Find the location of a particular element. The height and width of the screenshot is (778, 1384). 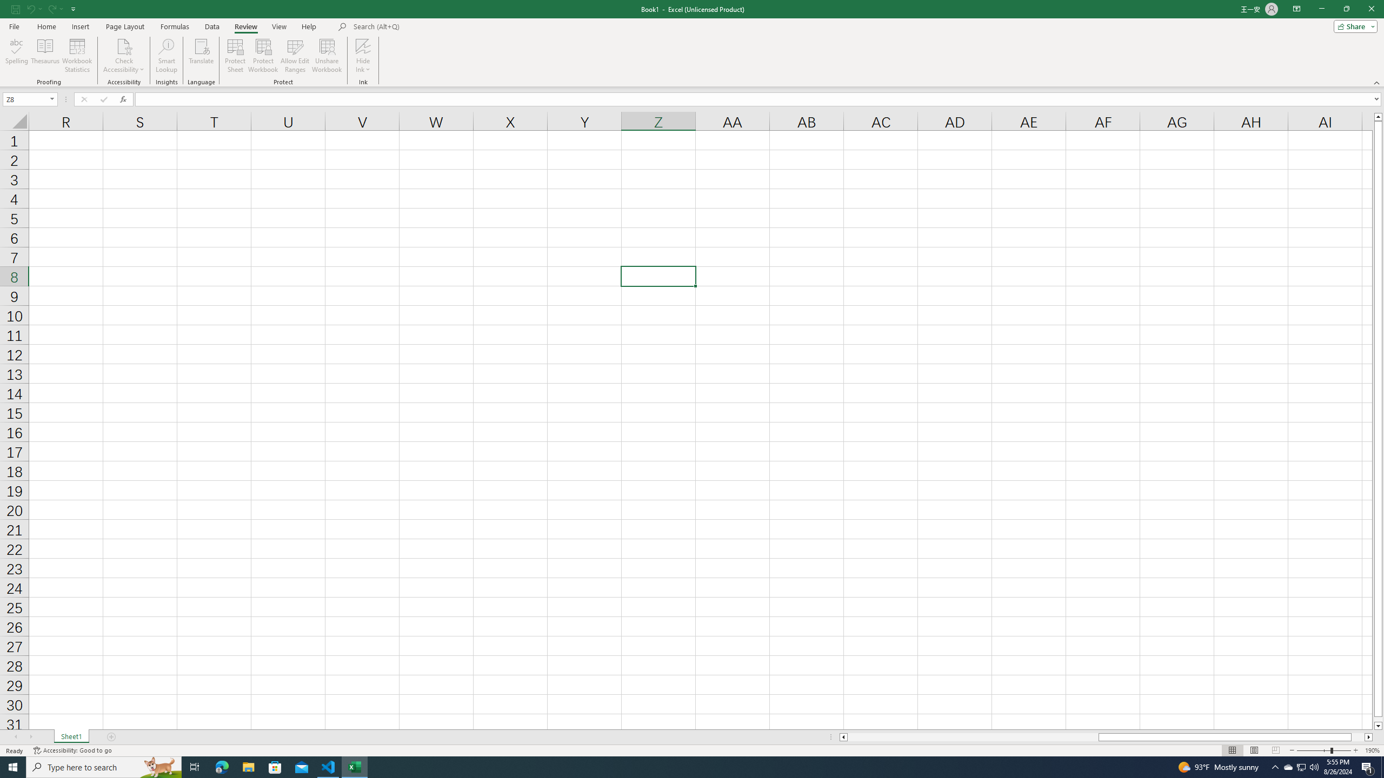

'Check Accessibility' is located at coordinates (123, 45).